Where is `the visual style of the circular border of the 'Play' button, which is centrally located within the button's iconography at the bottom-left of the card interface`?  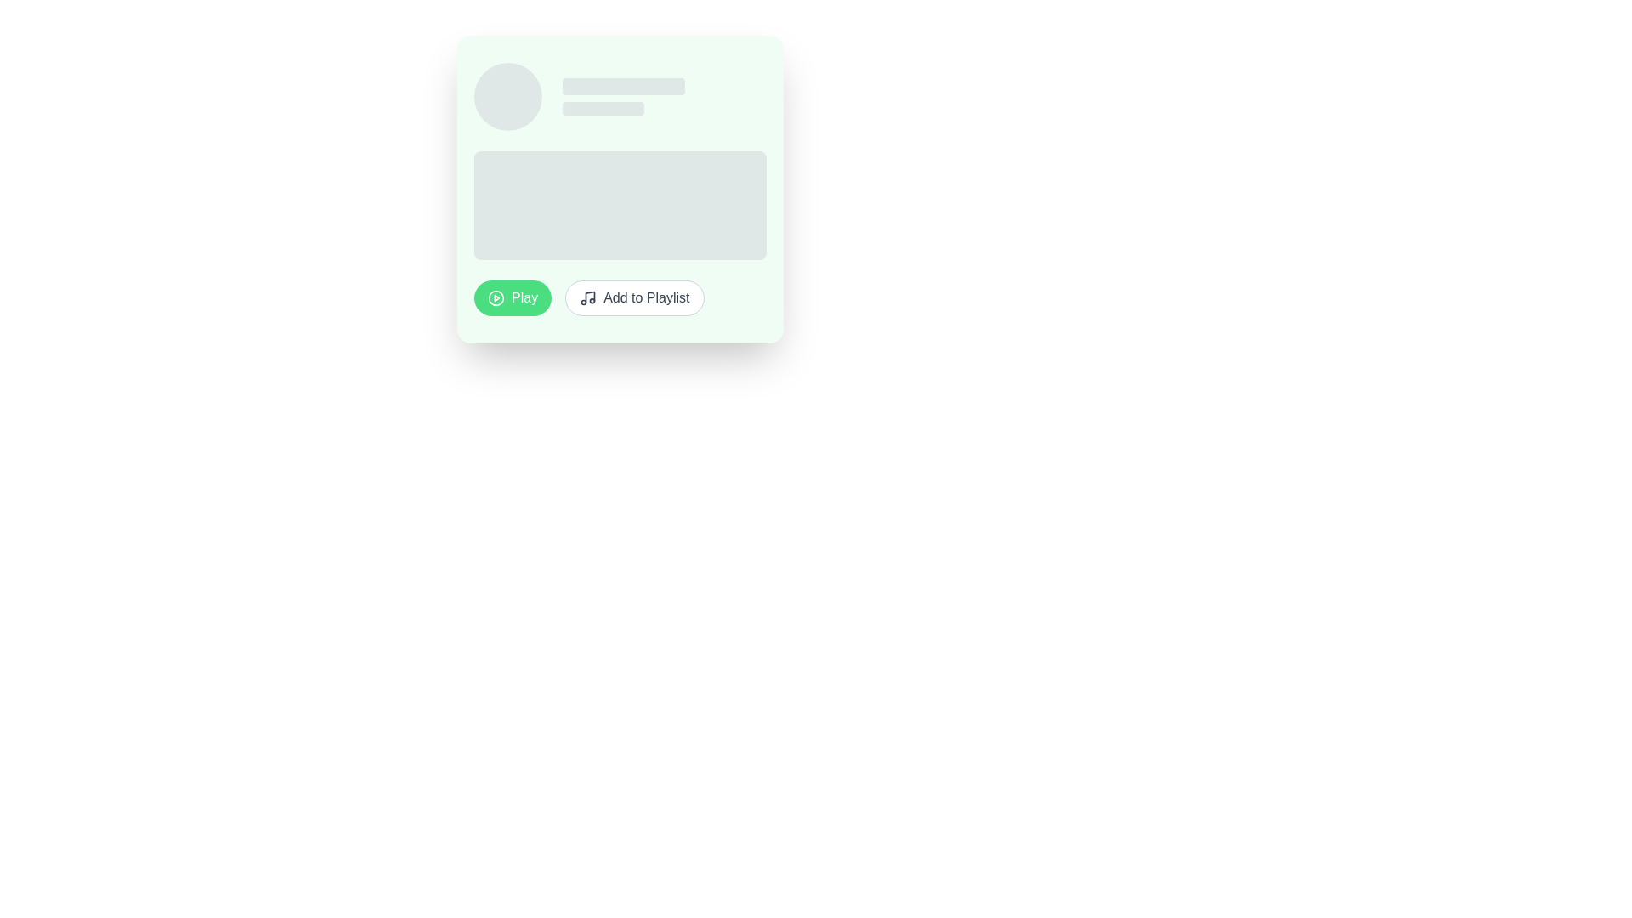 the visual style of the circular border of the 'Play' button, which is centrally located within the button's iconography at the bottom-left of the card interface is located at coordinates (496, 297).